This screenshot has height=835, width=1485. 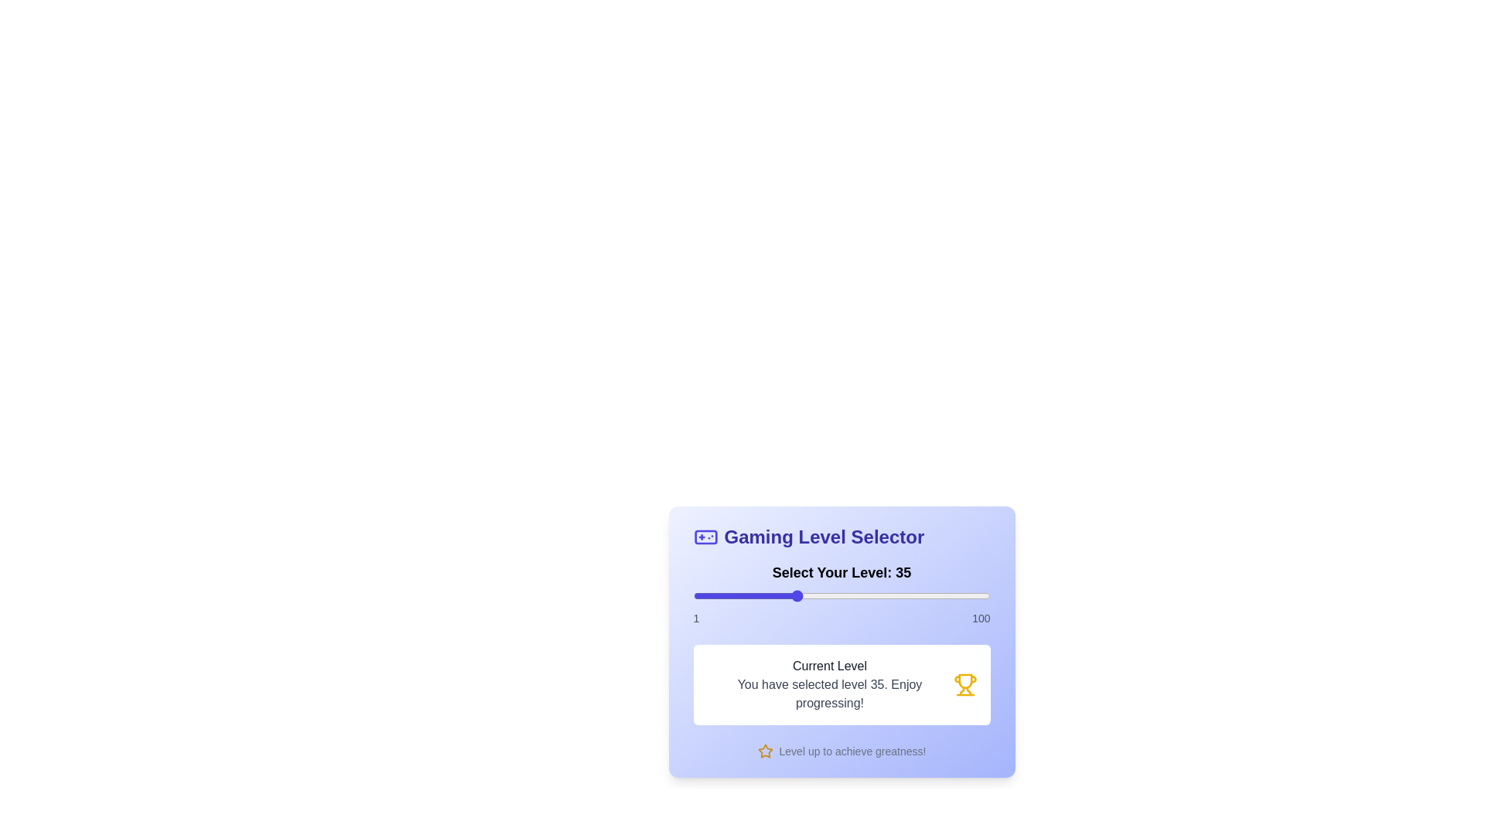 I want to click on the decorative SVG rectangle element on the right side of the game controller icon located at the top-left corner of the 'Gaming Level Selector' card, so click(x=705, y=536).